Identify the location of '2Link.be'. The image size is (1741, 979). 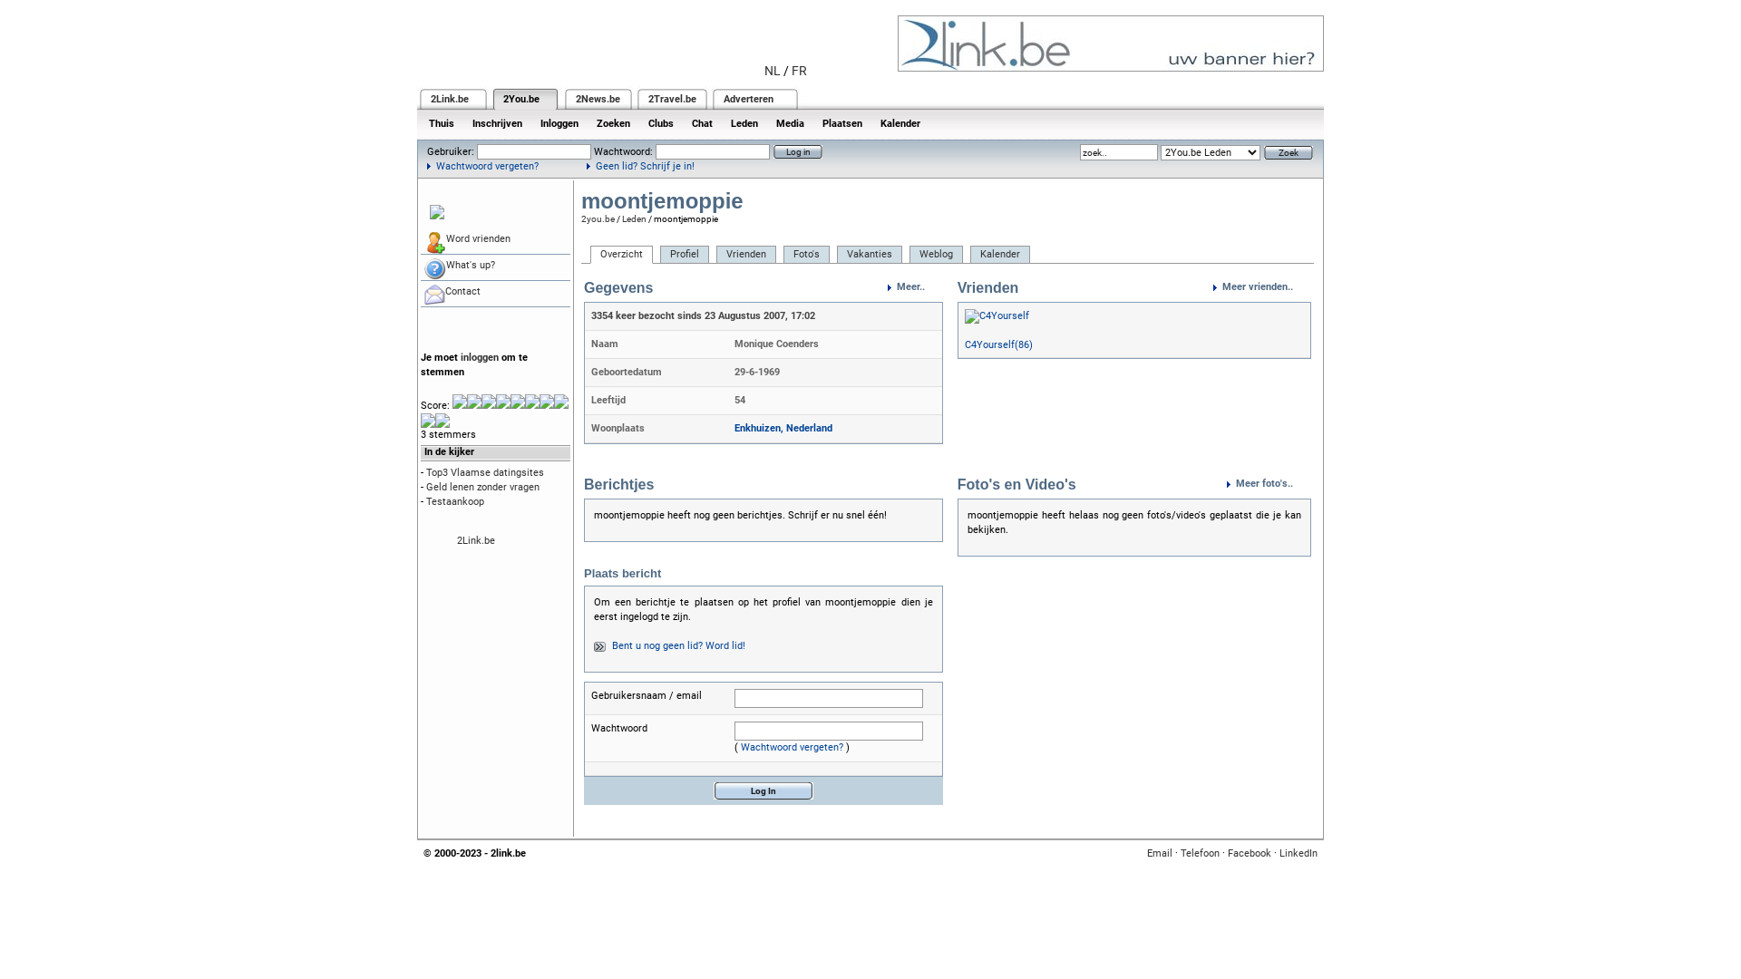
(430, 99).